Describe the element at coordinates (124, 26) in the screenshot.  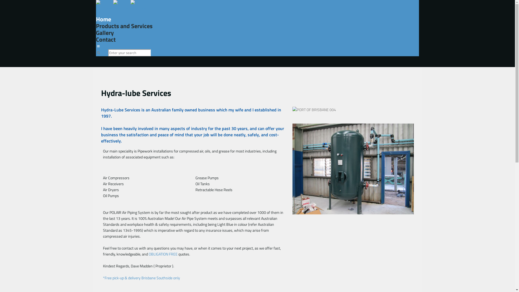
I see `'Products and Services'` at that location.